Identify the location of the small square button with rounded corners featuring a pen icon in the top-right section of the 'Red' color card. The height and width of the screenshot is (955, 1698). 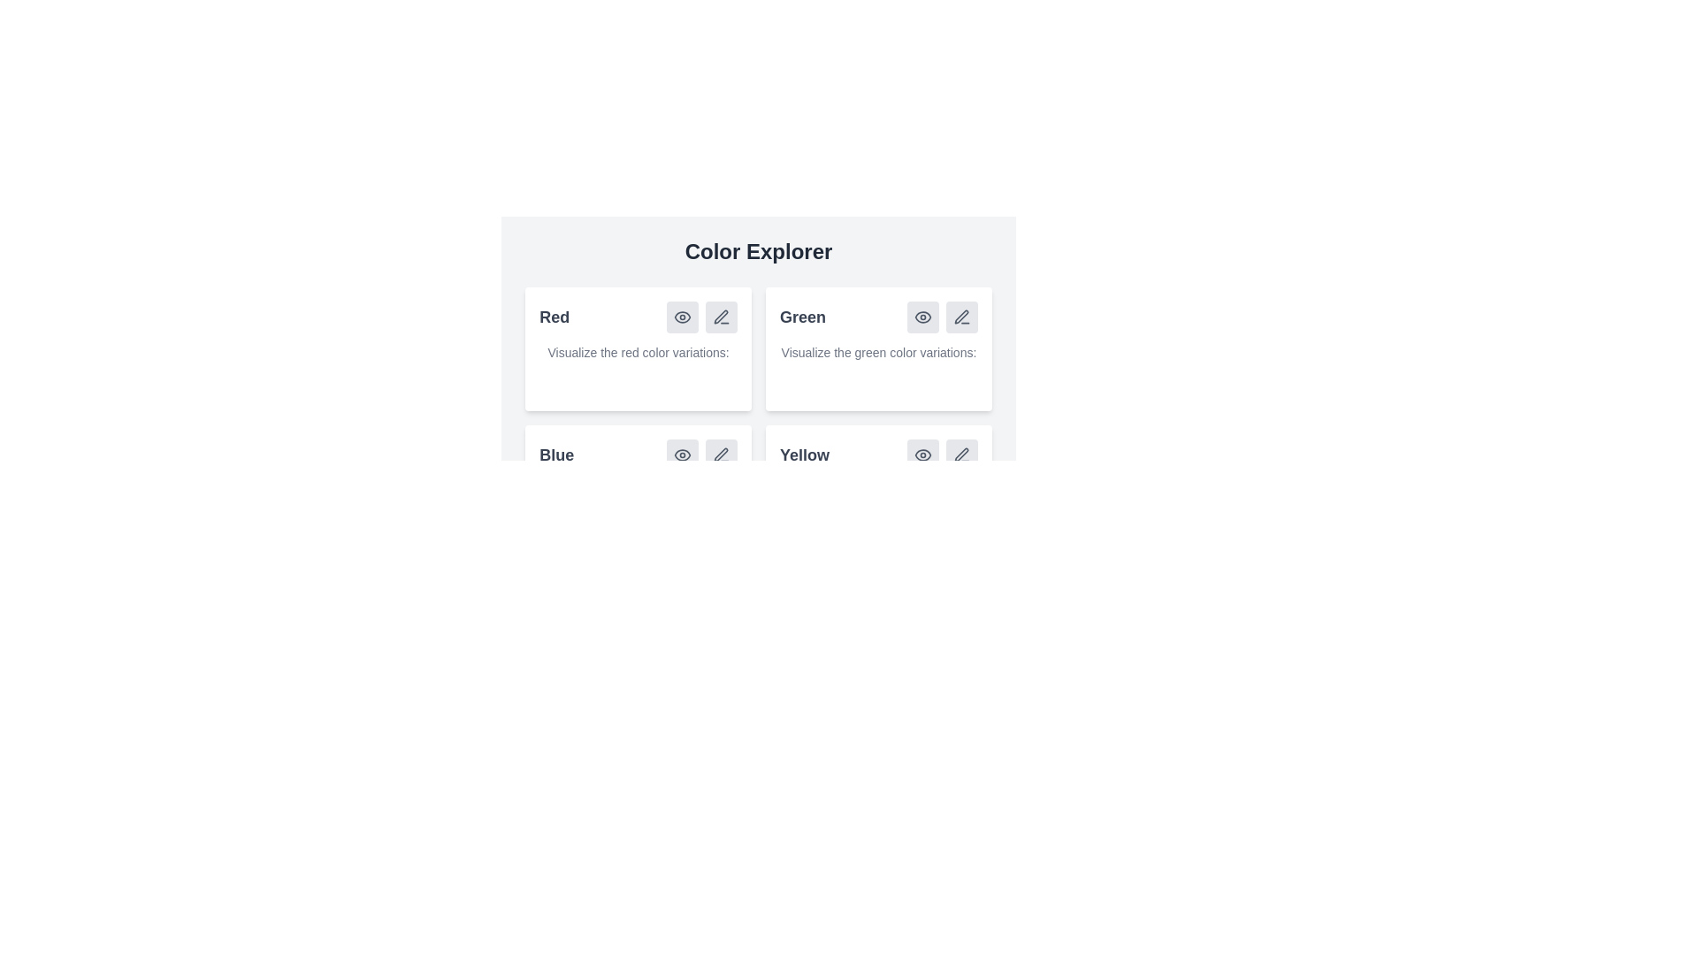
(722, 316).